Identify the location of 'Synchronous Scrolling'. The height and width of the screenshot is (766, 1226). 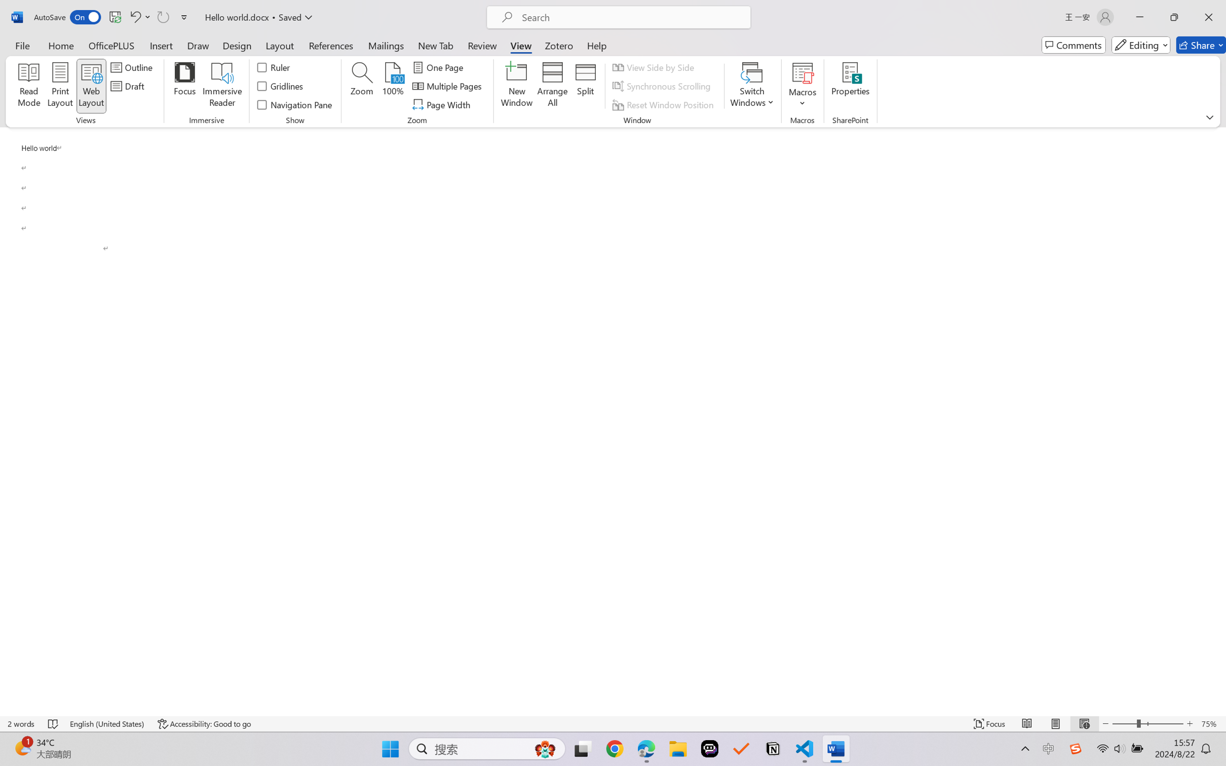
(662, 86).